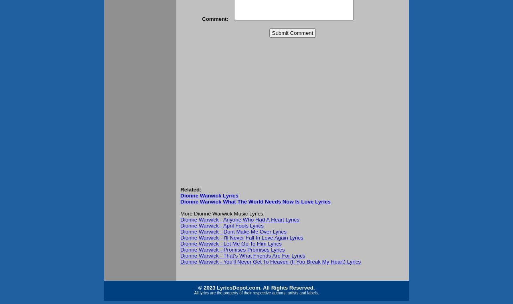 This screenshot has width=513, height=304. What do you see at coordinates (215, 18) in the screenshot?
I see `'Comment:'` at bounding box center [215, 18].